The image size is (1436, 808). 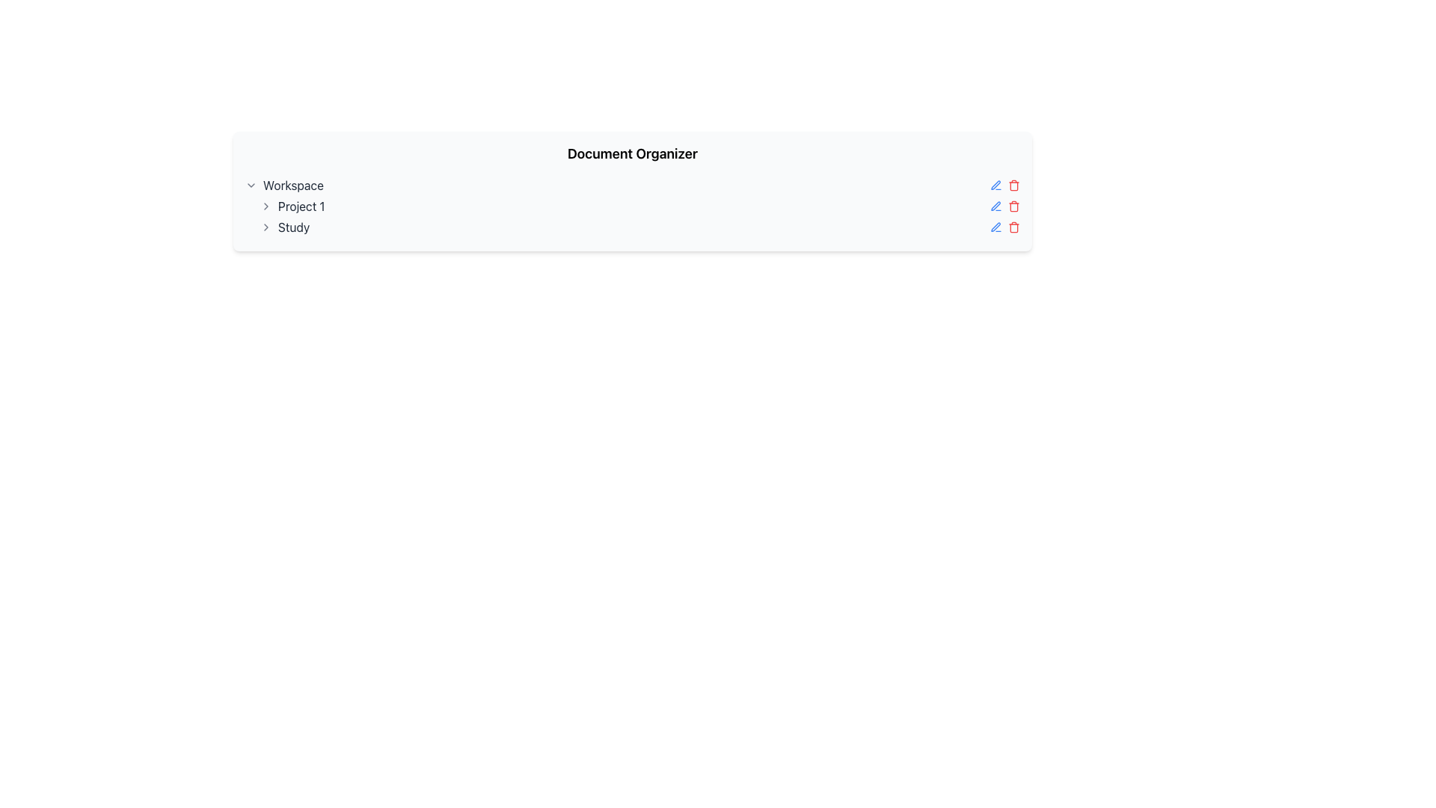 I want to click on the drawing or pen-related icon located, so click(x=995, y=183).